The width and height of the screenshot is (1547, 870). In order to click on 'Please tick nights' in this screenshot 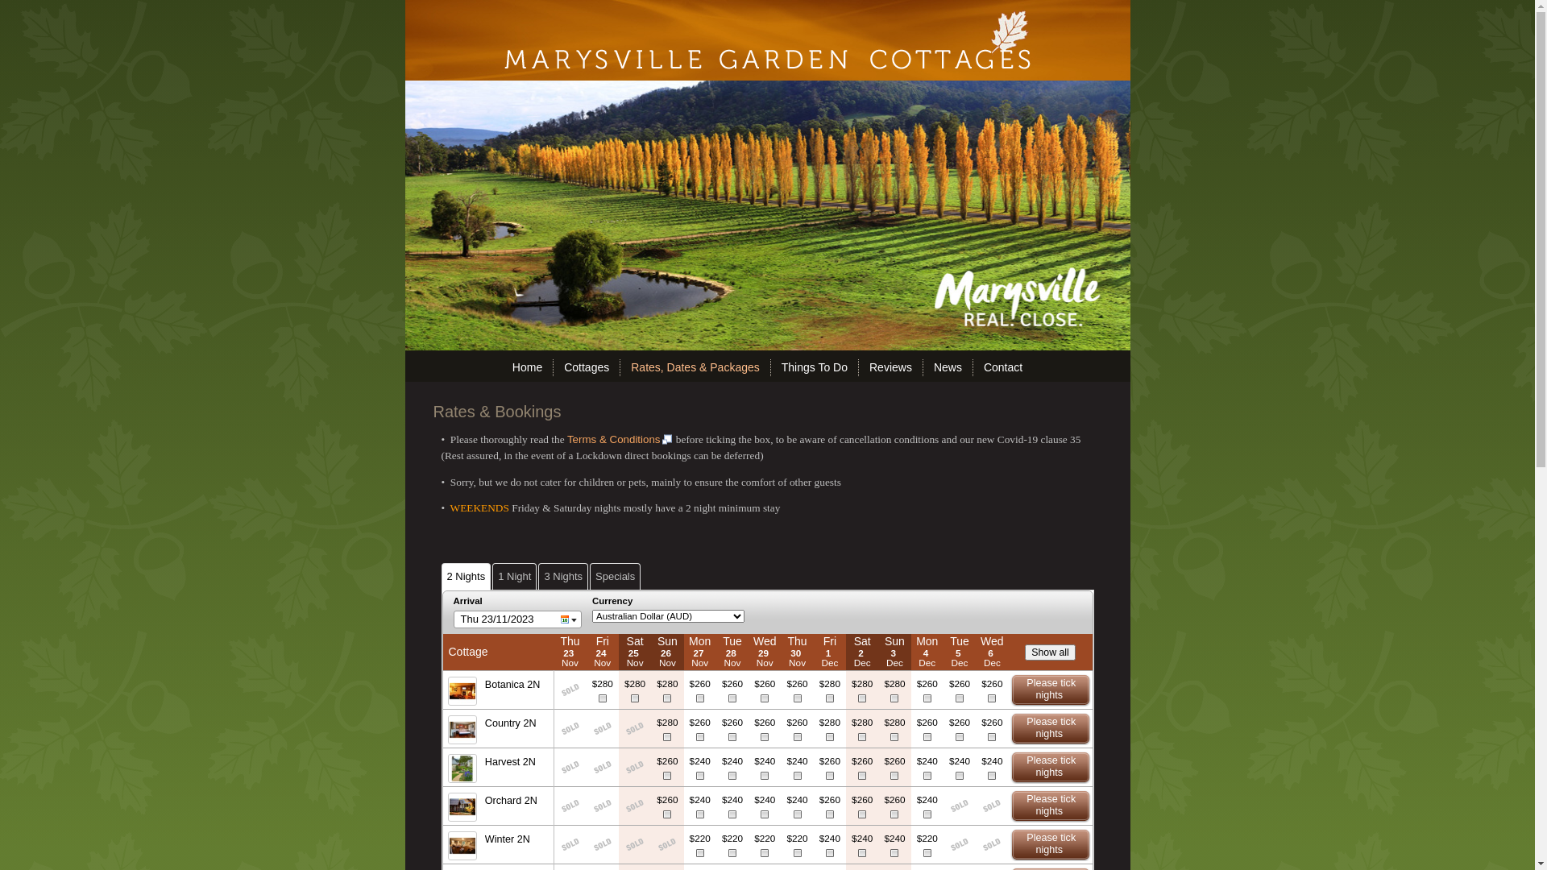, I will do `click(1051, 766)`.